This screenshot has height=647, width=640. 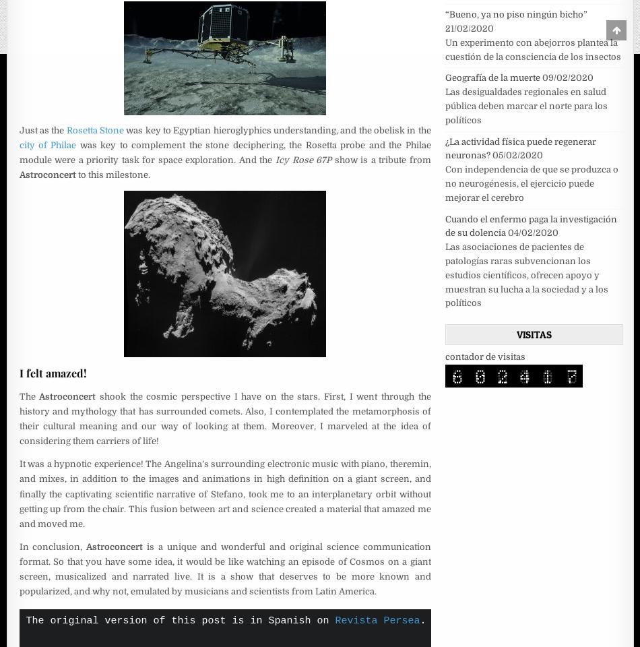 I want to click on '¿La actividad física puede regenerar neuronas?', so click(x=519, y=148).